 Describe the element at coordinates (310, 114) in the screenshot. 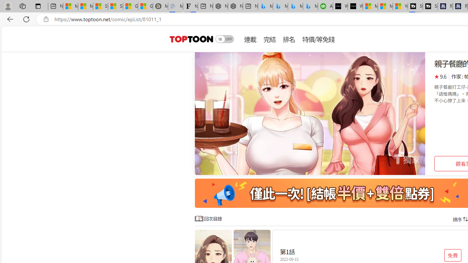

I see `'Class: swiper-slide'` at that location.